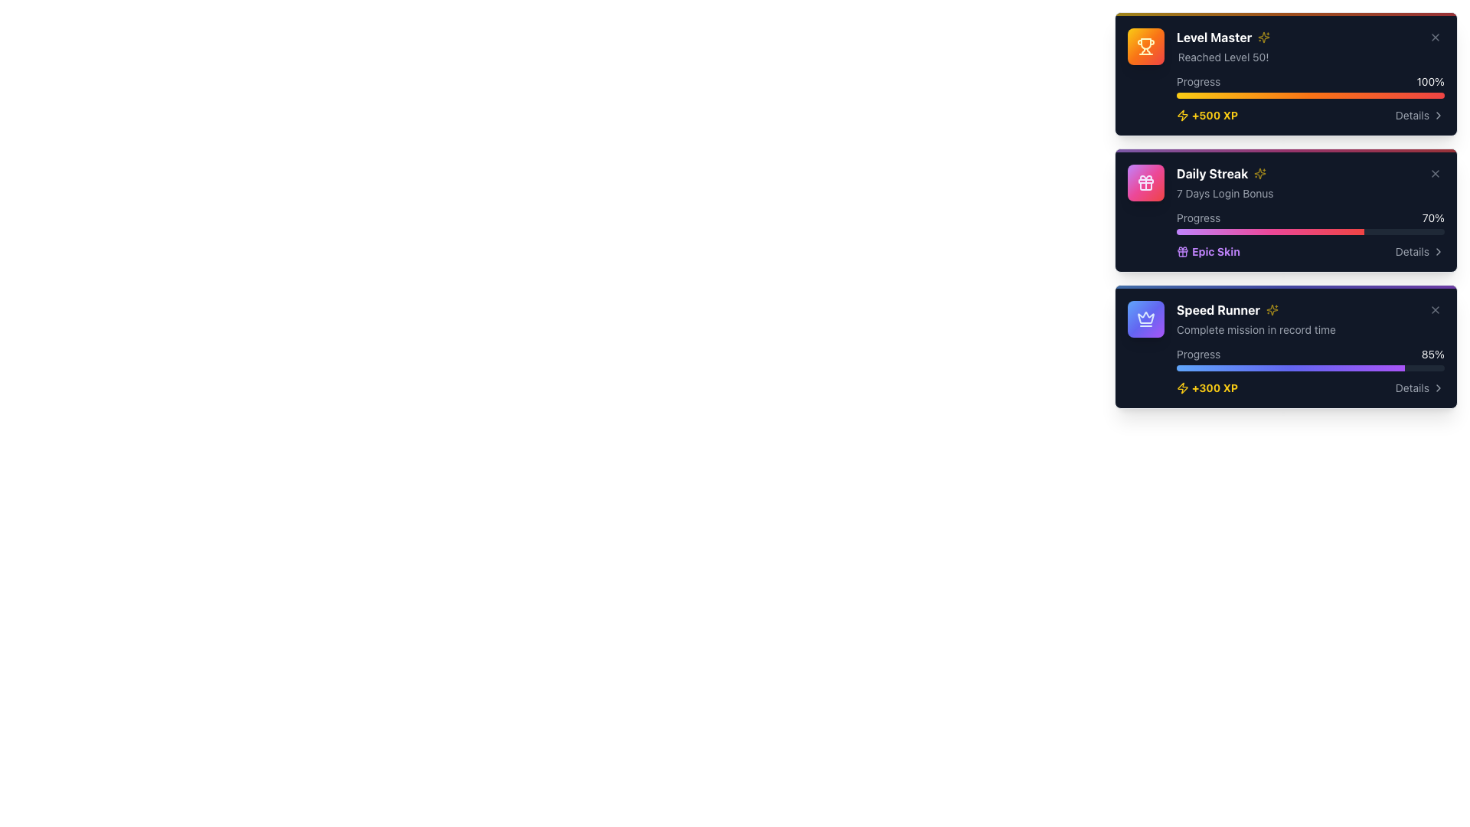 The height and width of the screenshot is (827, 1470). I want to click on the text label that reads '7 Days Login Bonus', which is styled with a small font size and gray color, located beneath the title 'Daily Streak' in the second card of a column of three cards, so click(1225, 193).